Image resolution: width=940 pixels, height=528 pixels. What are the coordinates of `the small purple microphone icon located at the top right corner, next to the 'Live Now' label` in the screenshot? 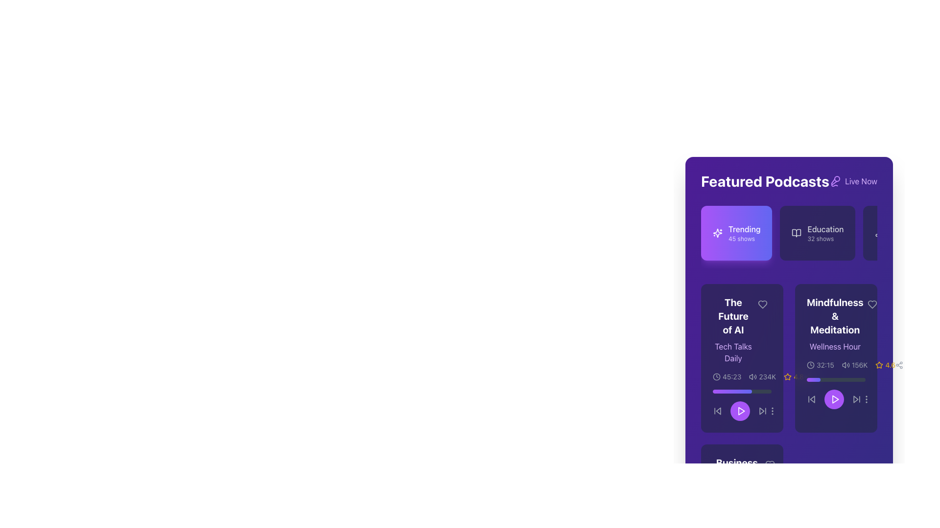 It's located at (835, 181).